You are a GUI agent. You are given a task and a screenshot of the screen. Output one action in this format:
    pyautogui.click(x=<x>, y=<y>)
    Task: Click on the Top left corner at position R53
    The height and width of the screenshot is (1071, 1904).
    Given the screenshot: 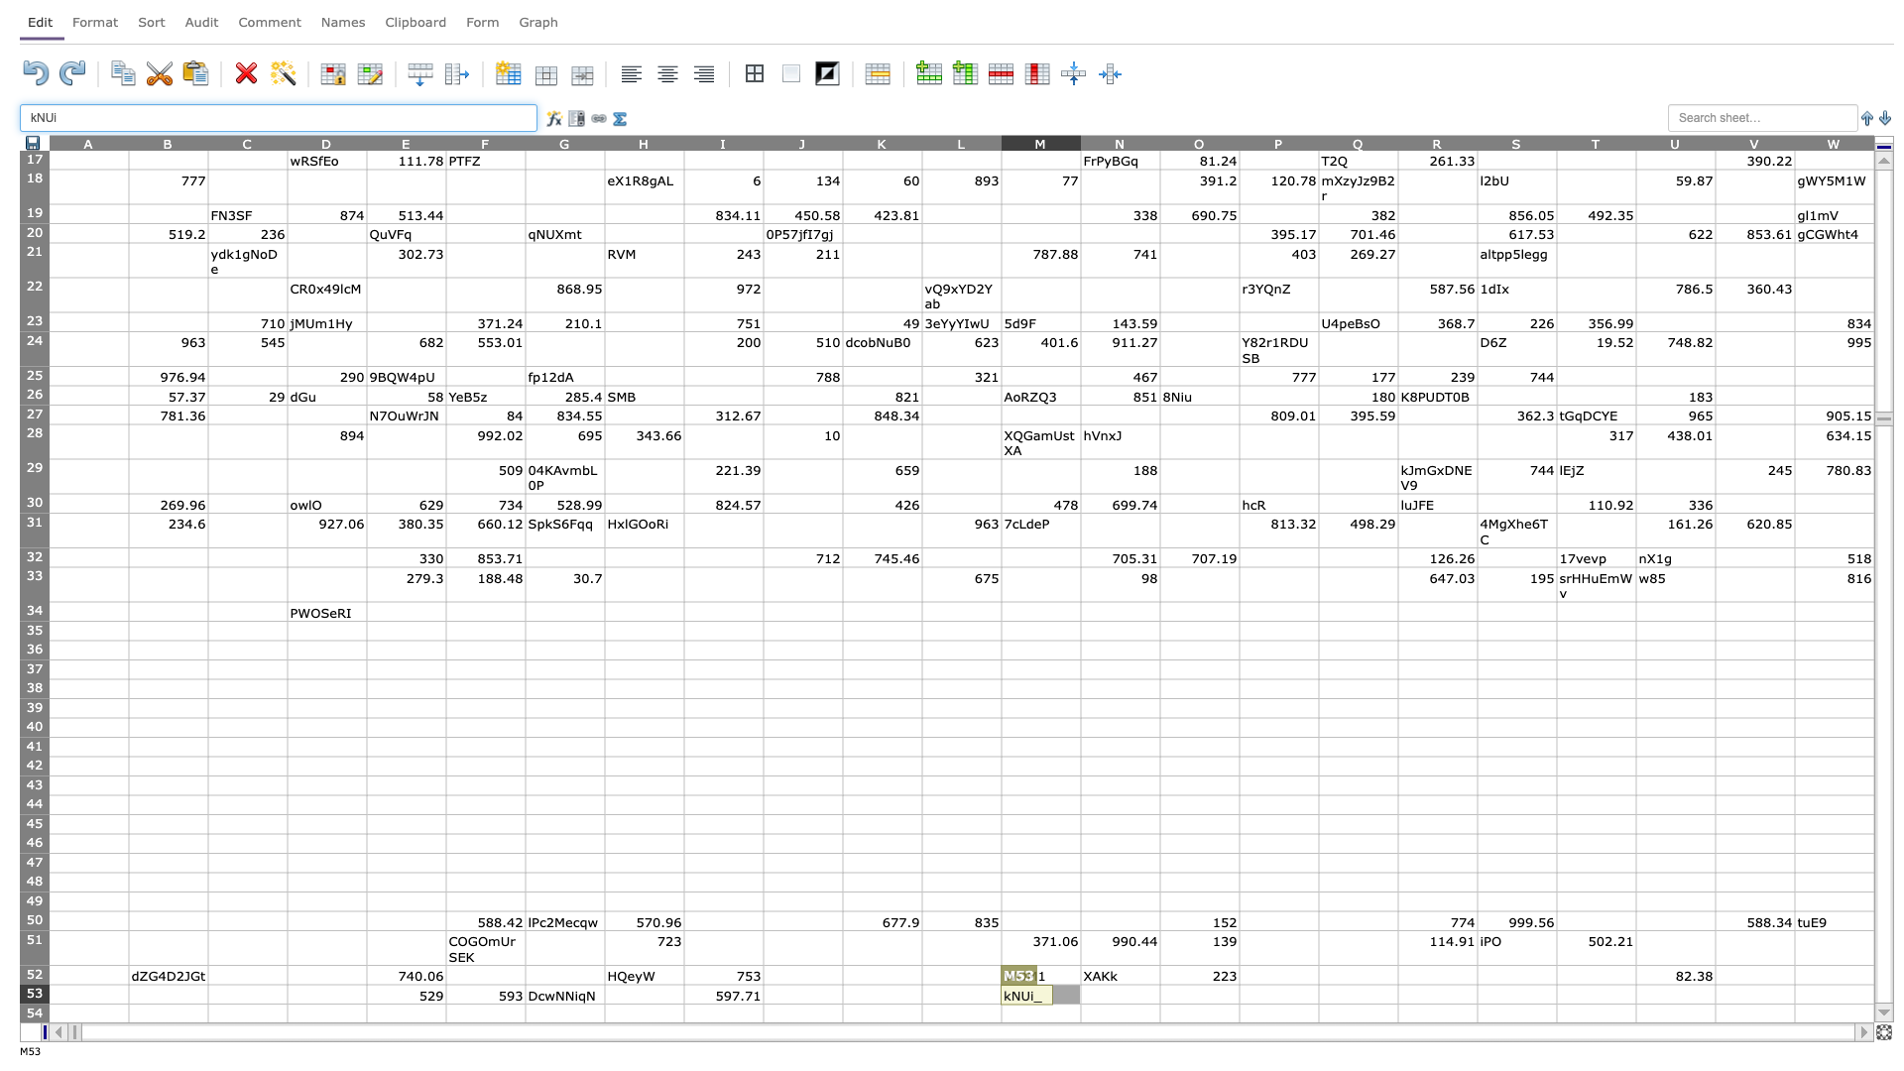 What is the action you would take?
    pyautogui.click(x=1397, y=984)
    